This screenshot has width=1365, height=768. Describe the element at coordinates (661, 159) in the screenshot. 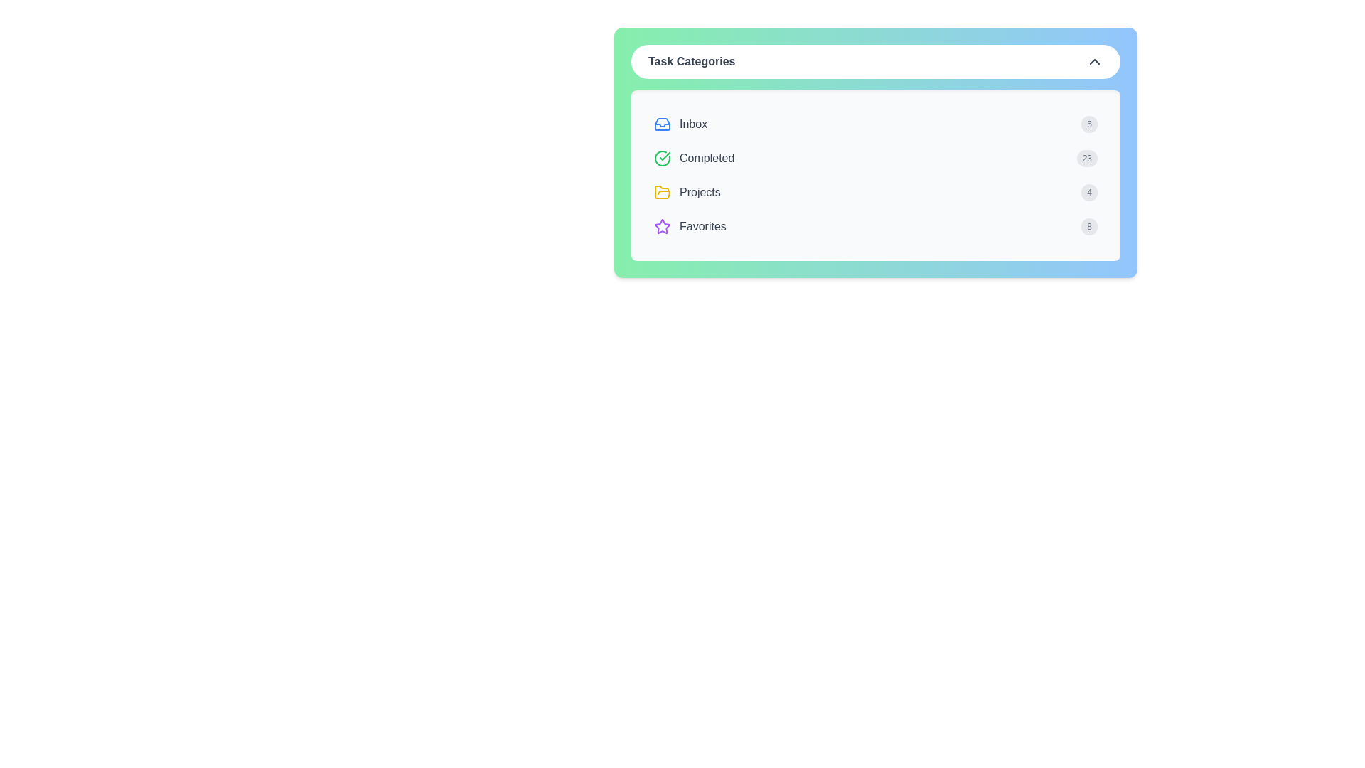

I see `the 'Completed' status icon, which is located directly to the left of the 'Completed' text label in the task categories list` at that location.